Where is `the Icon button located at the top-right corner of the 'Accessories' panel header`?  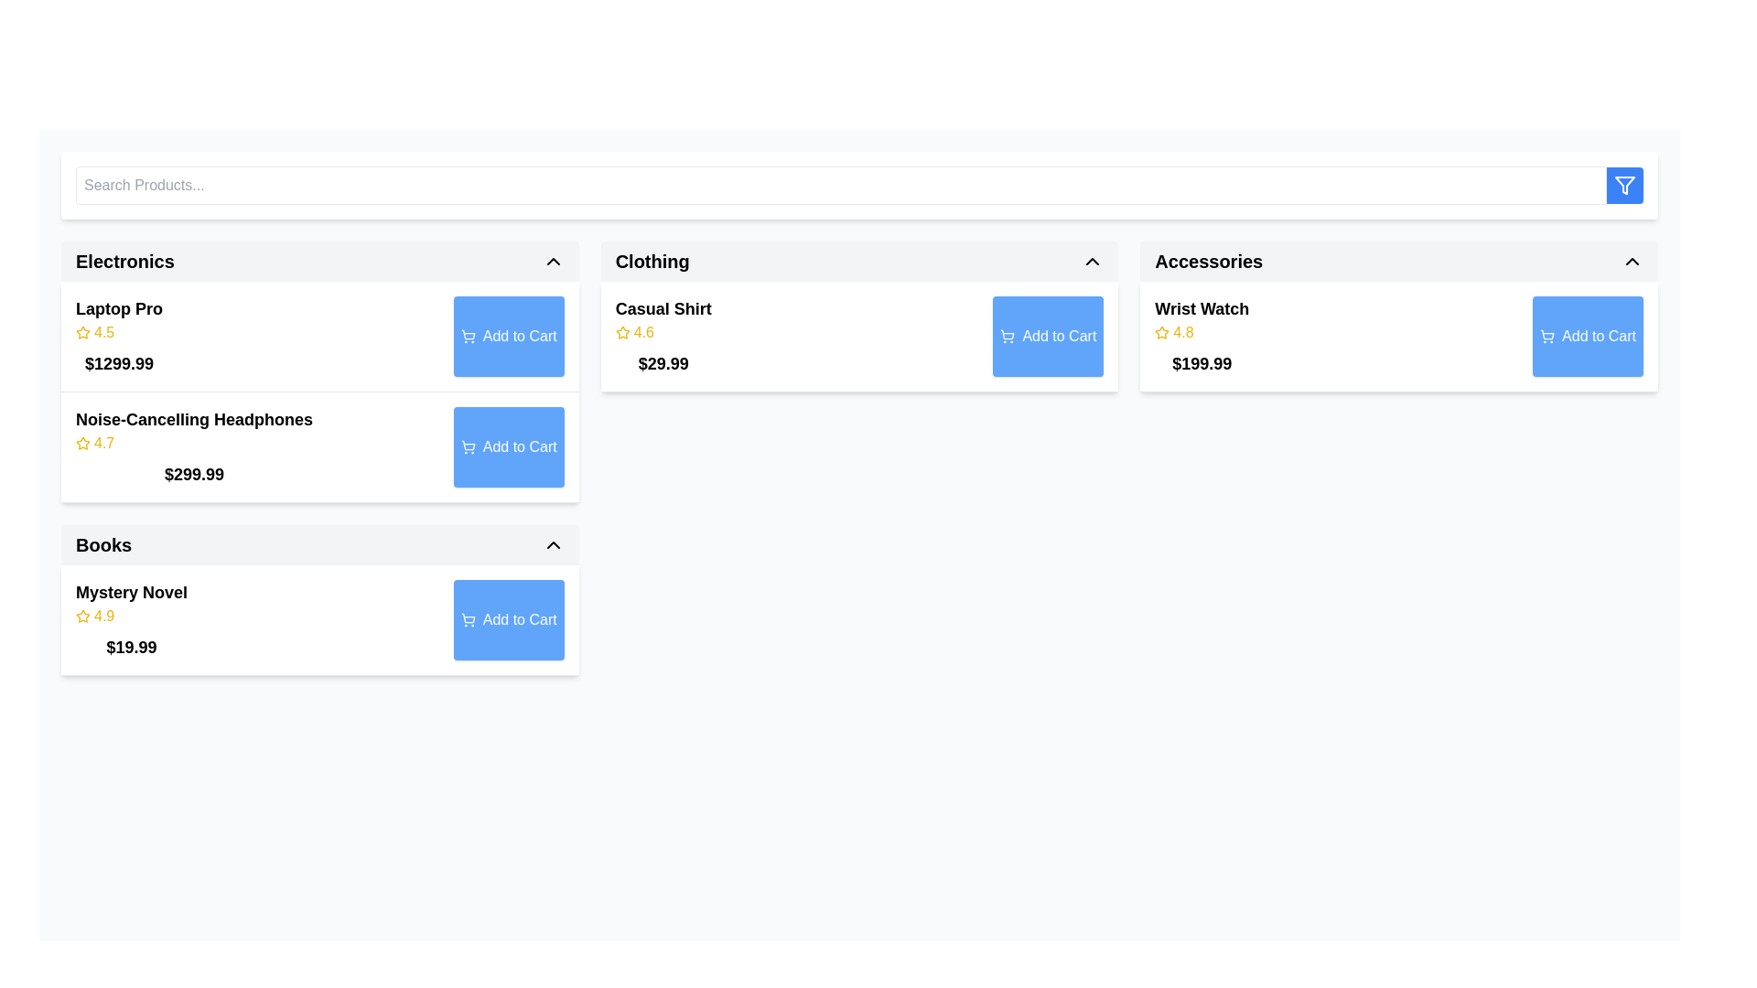 the Icon button located at the top-right corner of the 'Accessories' panel header is located at coordinates (1633, 261).